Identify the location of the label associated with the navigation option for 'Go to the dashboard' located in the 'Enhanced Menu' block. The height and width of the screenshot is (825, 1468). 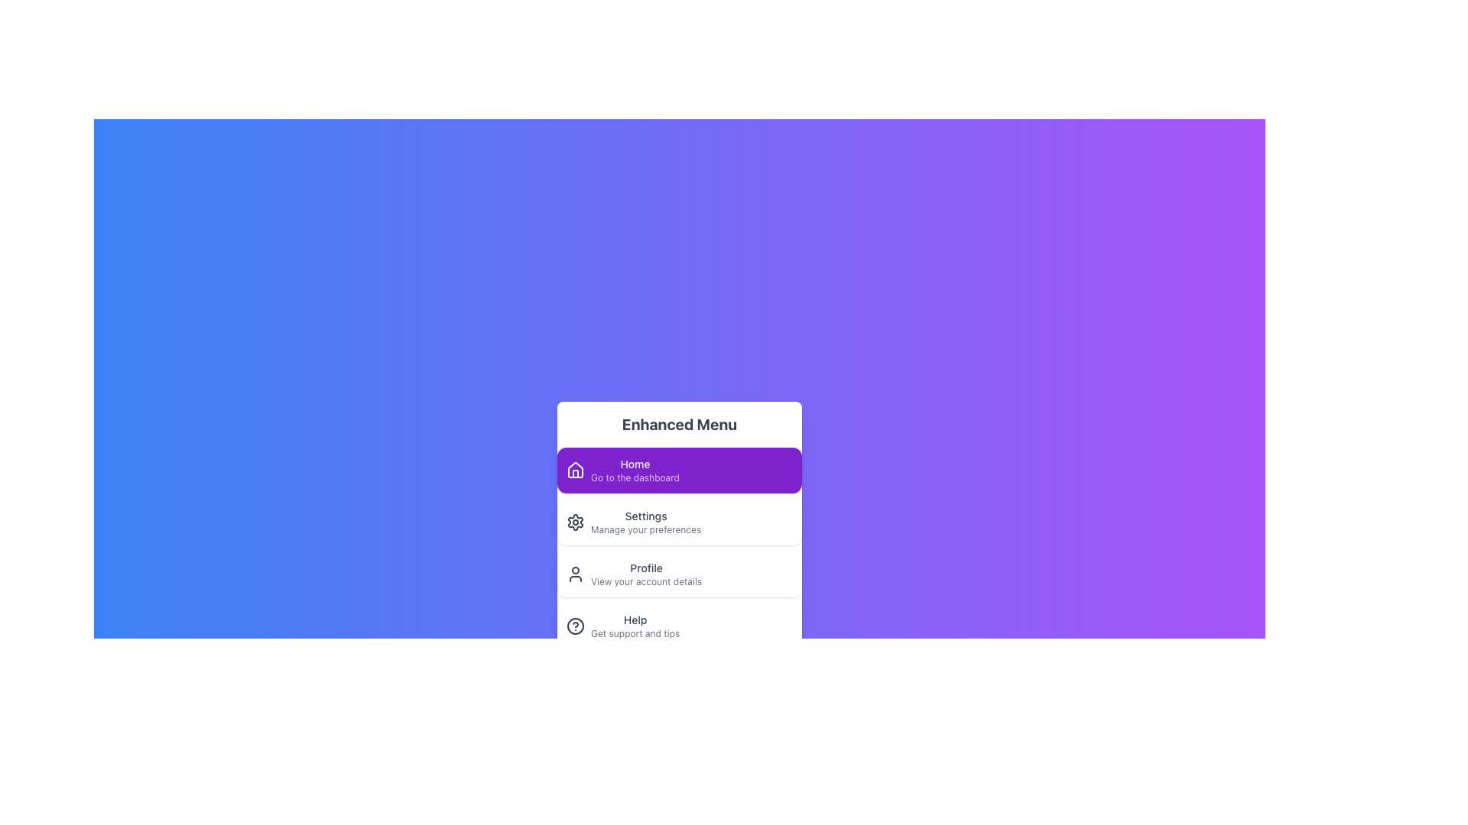
(635, 464).